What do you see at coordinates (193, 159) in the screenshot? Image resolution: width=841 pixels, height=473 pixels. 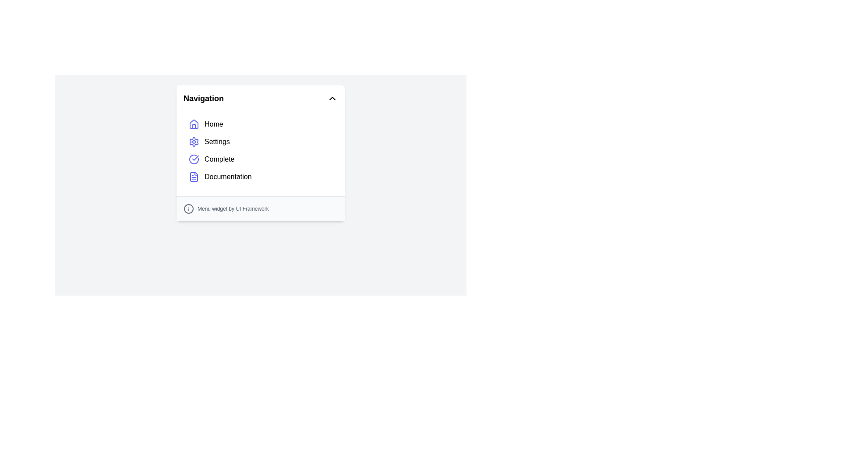 I see `the 'Complete' status icon located in the vertical navigation menu to the left of the 'Complete' text label` at bounding box center [193, 159].